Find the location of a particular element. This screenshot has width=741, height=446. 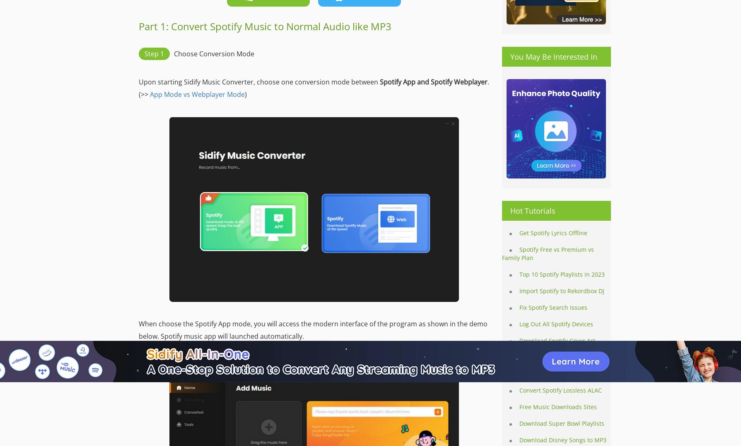

'When choose the Spotify App mode, you will access the modern interface of the program as shown in the demo below. Spotify music app will launched automatically.' is located at coordinates (138, 330).